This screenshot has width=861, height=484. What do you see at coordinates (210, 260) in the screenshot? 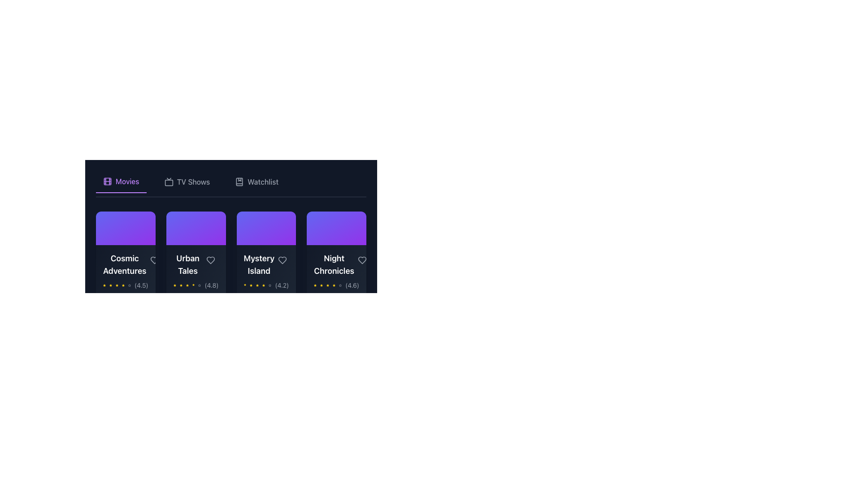
I see `the heart-shaped icon button located in the lower part of the 'Urban Tales' content card, positioned on the right side of the card next to the title's rating information` at bounding box center [210, 260].